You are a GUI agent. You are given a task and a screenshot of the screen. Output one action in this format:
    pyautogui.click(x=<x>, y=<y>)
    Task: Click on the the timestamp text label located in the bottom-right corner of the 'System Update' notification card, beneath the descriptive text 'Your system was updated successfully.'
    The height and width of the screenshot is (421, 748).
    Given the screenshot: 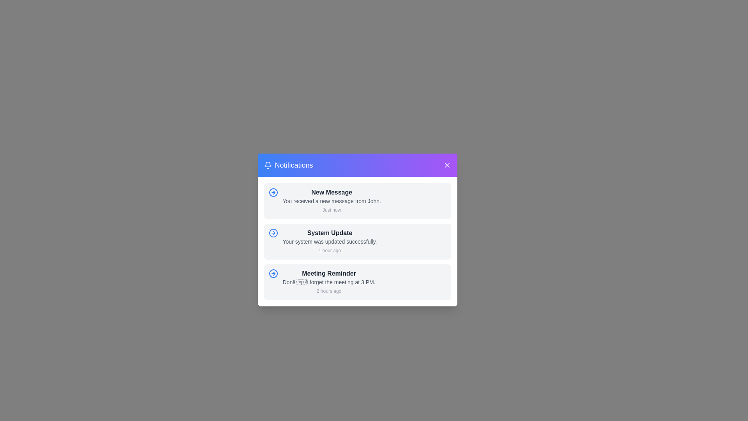 What is the action you would take?
    pyautogui.click(x=330, y=251)
    